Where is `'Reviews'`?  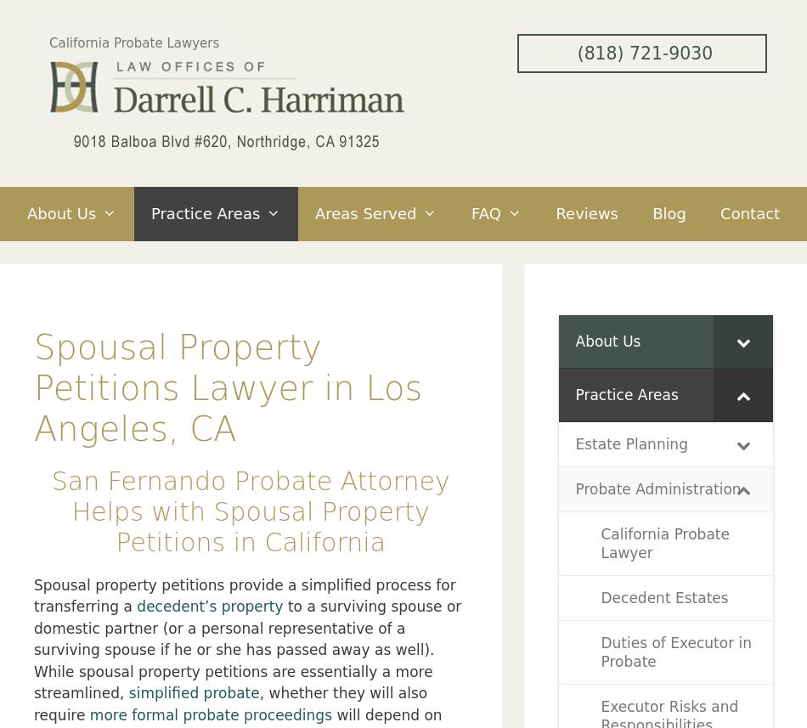 'Reviews' is located at coordinates (587, 212).